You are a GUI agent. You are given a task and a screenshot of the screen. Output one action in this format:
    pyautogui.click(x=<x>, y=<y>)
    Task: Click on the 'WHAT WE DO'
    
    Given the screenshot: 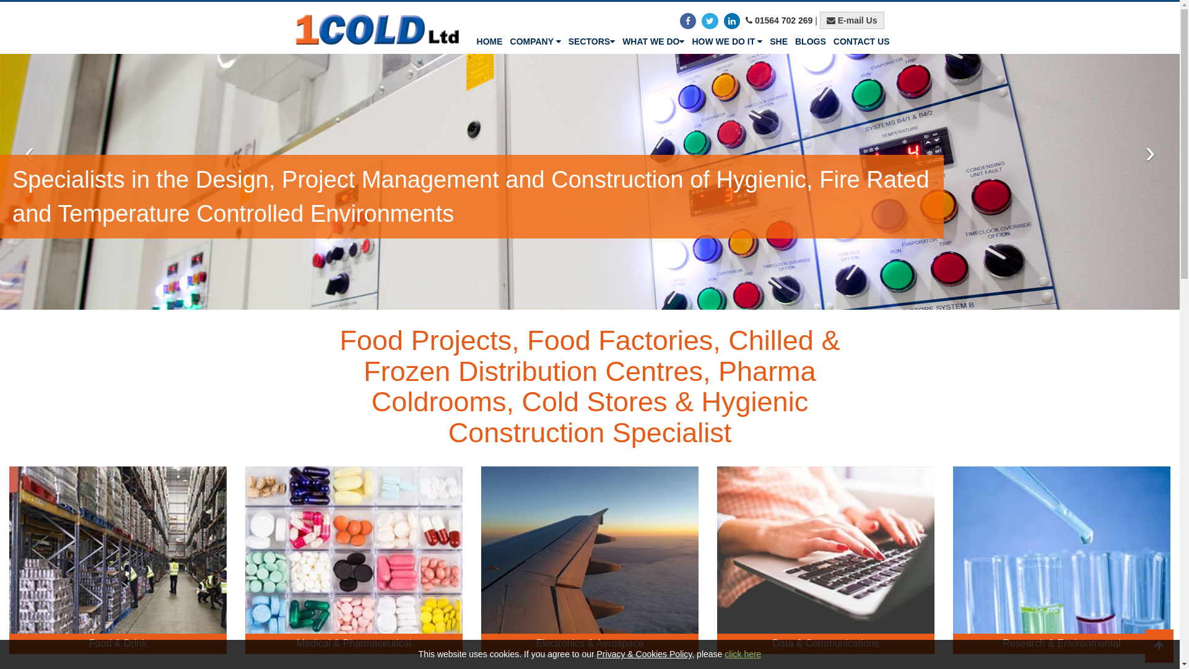 What is the action you would take?
    pyautogui.click(x=653, y=40)
    